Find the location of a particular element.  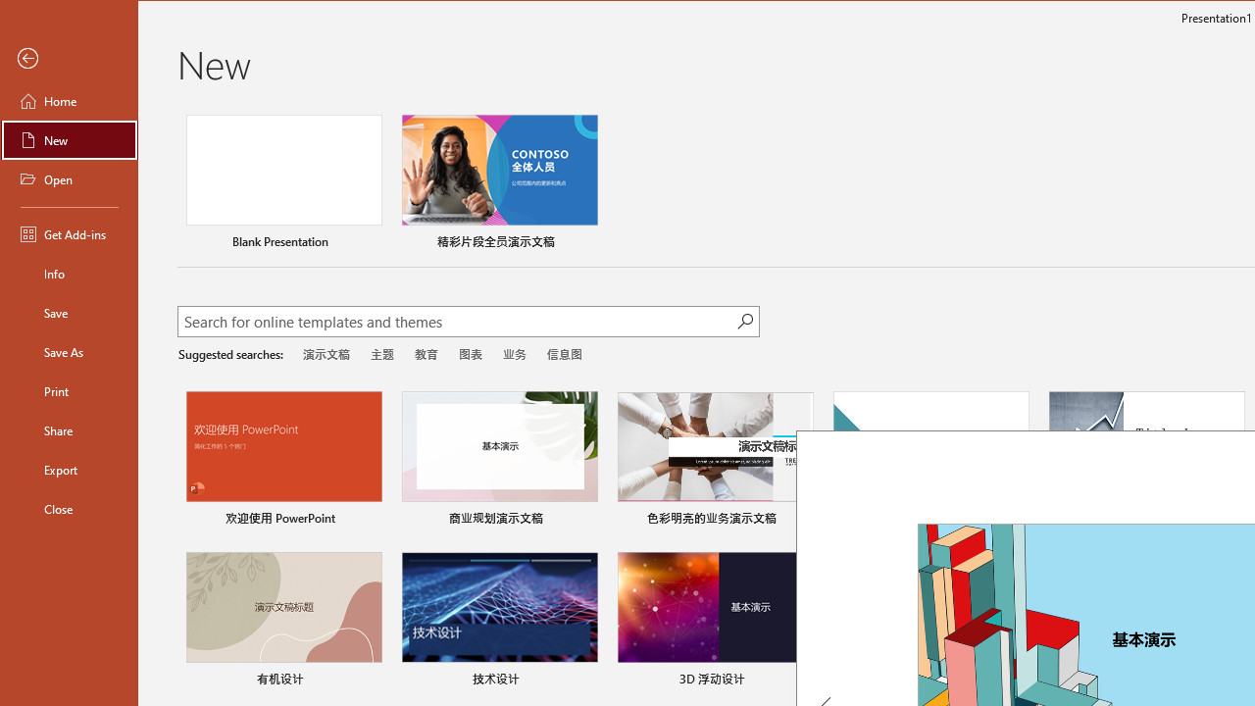

'Save As' is located at coordinates (70, 350).